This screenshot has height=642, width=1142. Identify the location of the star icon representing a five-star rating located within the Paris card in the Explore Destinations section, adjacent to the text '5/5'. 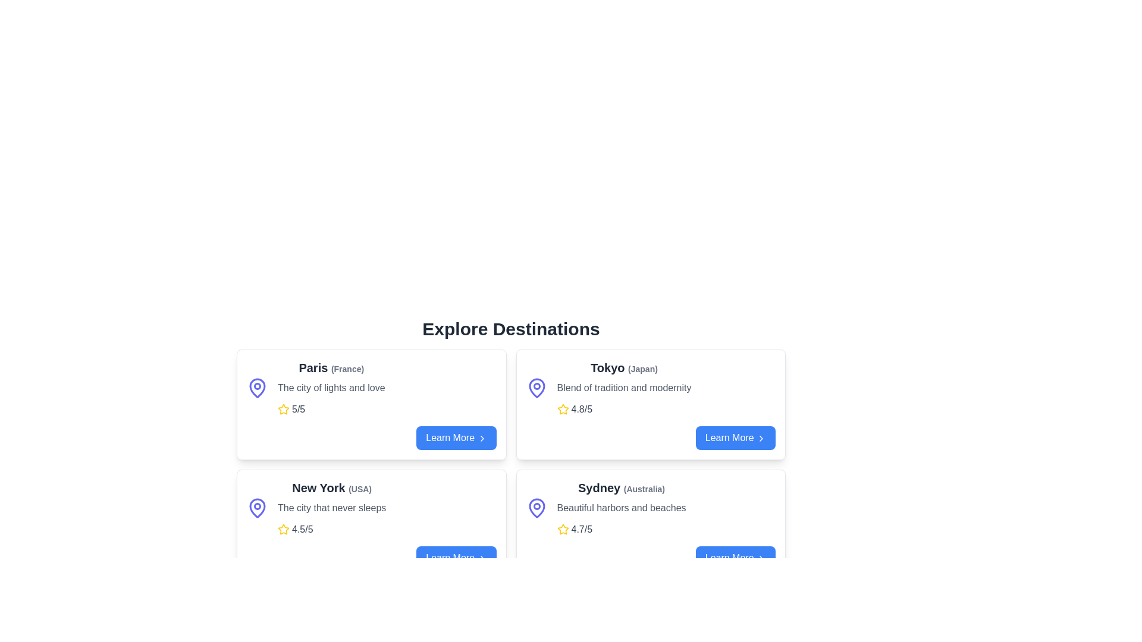
(283, 408).